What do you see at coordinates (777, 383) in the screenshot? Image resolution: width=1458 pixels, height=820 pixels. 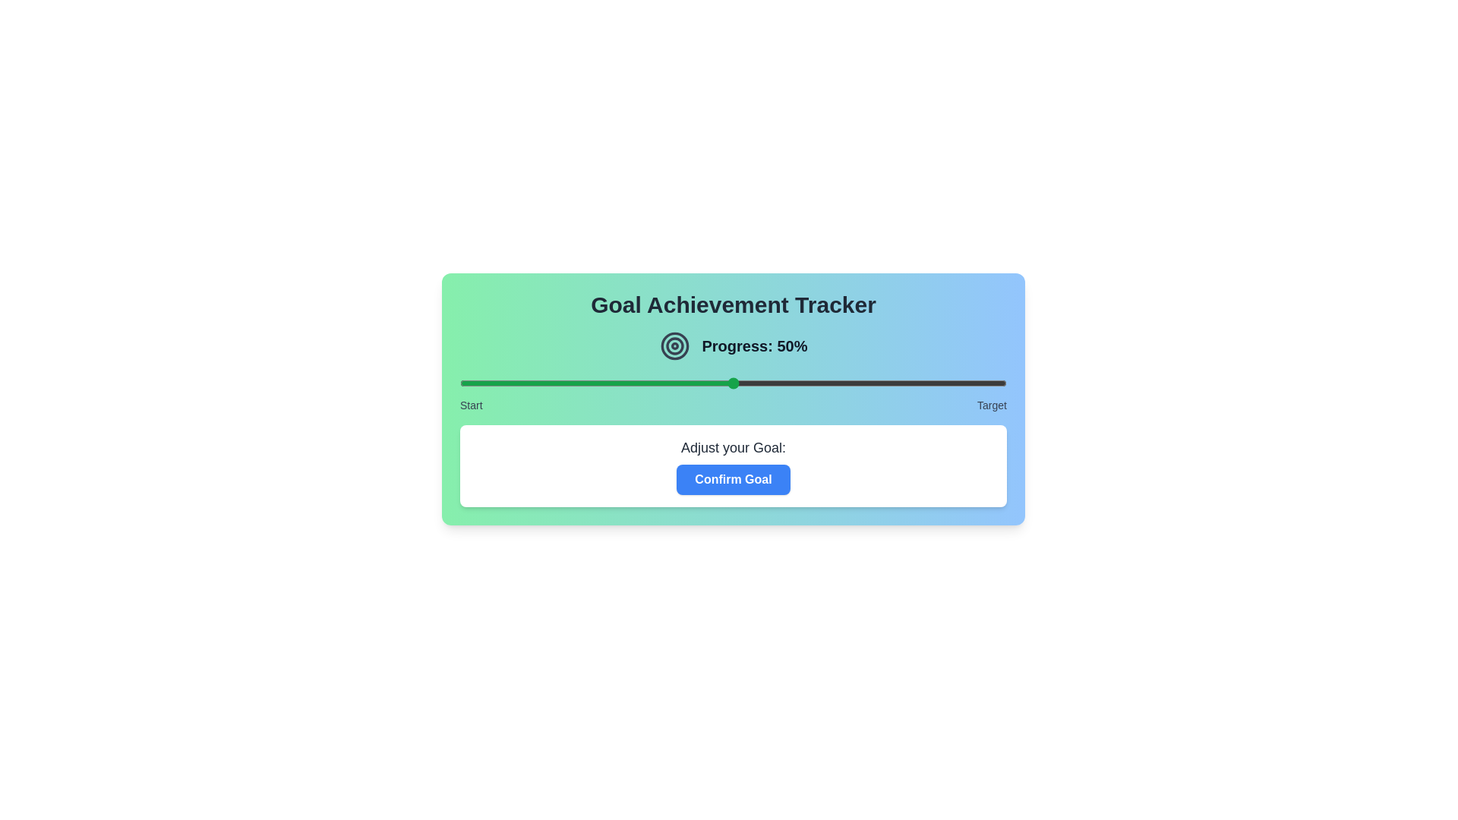 I see `the slider to set the goal to 58%` at bounding box center [777, 383].